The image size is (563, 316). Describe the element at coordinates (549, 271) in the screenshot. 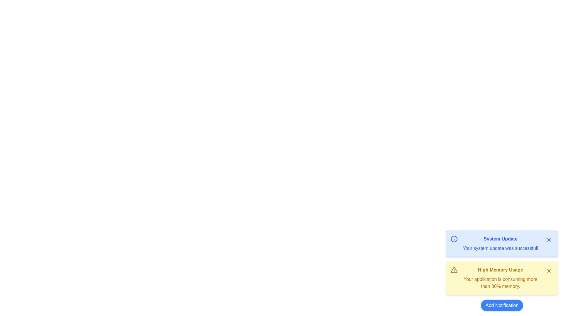

I see `the small circular 'X' icon styled as a close button located in the top-right corner of the yellow notification card labeled 'High Memory Usage'` at that location.